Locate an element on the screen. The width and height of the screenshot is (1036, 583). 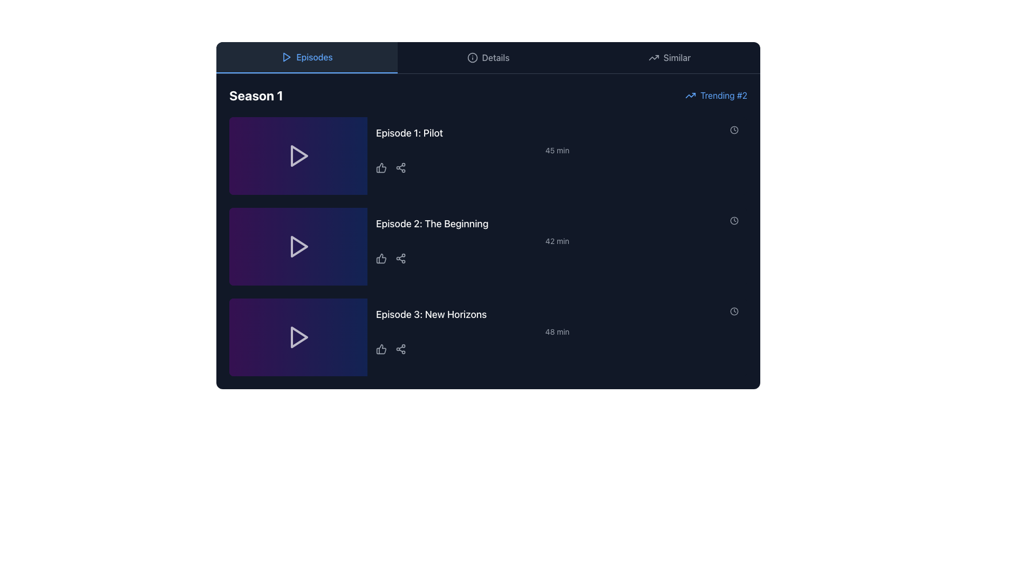
the share icon button, which is the third element aligned to the right of the text 'Episode 2: The Beginning' is located at coordinates (400, 258).